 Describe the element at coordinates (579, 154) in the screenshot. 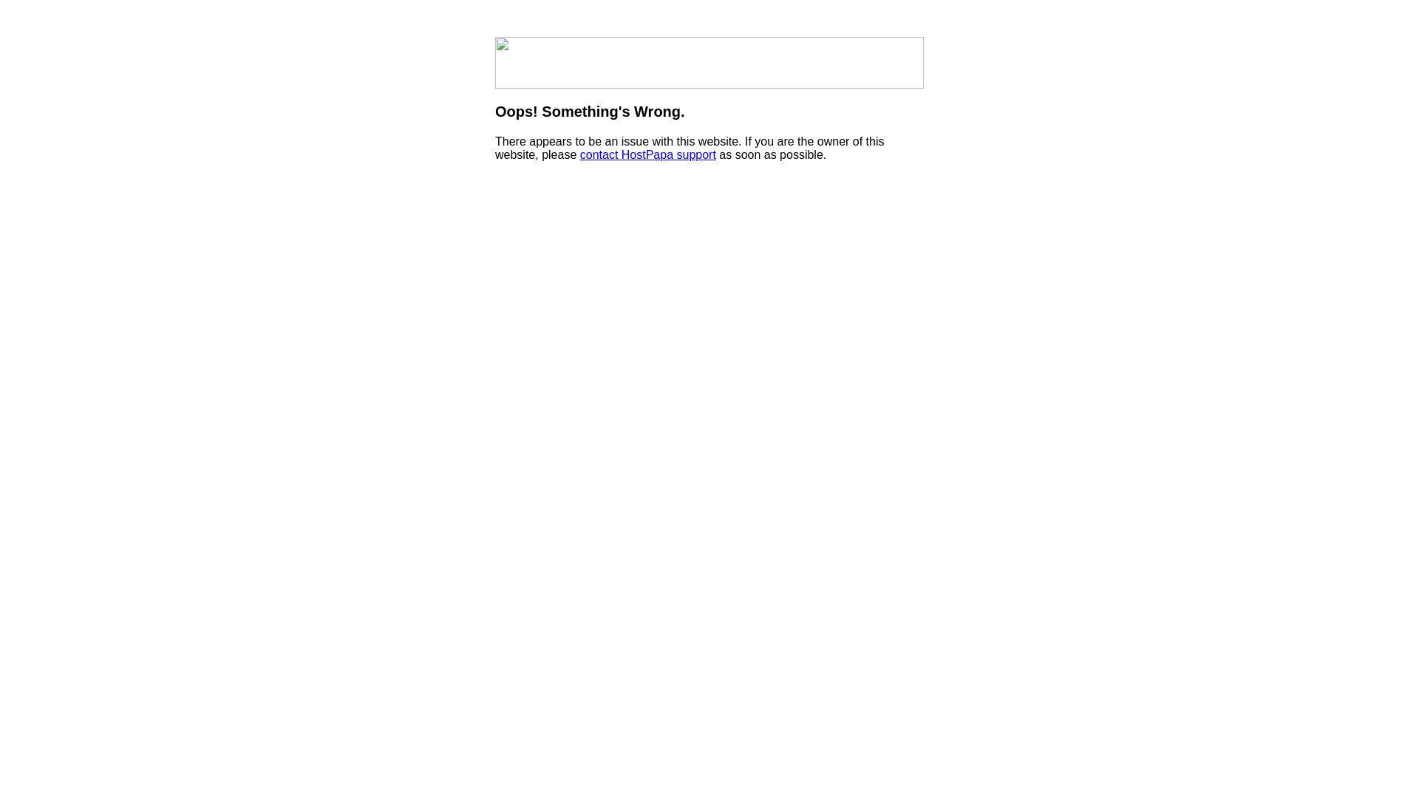

I see `'contact HostPapa support'` at that location.